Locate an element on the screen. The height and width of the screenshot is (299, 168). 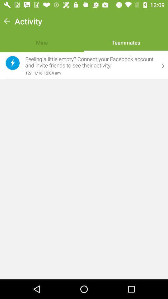
the item next to the feeling a little is located at coordinates (12, 63).